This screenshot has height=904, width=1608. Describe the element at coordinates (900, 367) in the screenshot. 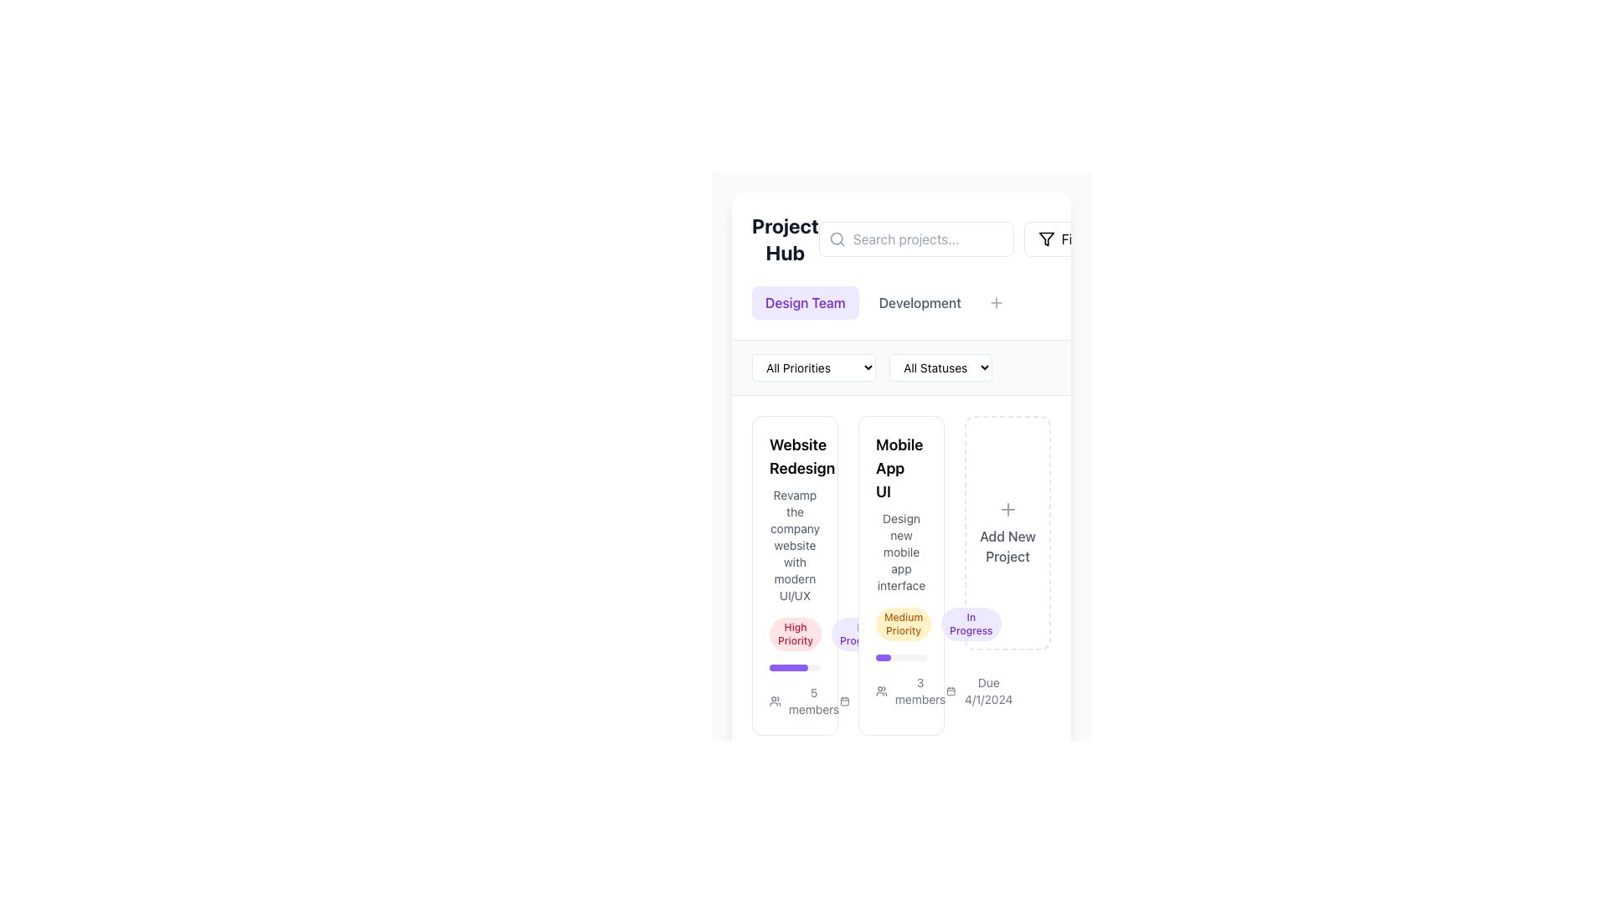

I see `an option from the grouped dropdown menus for filtering content based on priority and status, located near the top-center of the interface` at that location.